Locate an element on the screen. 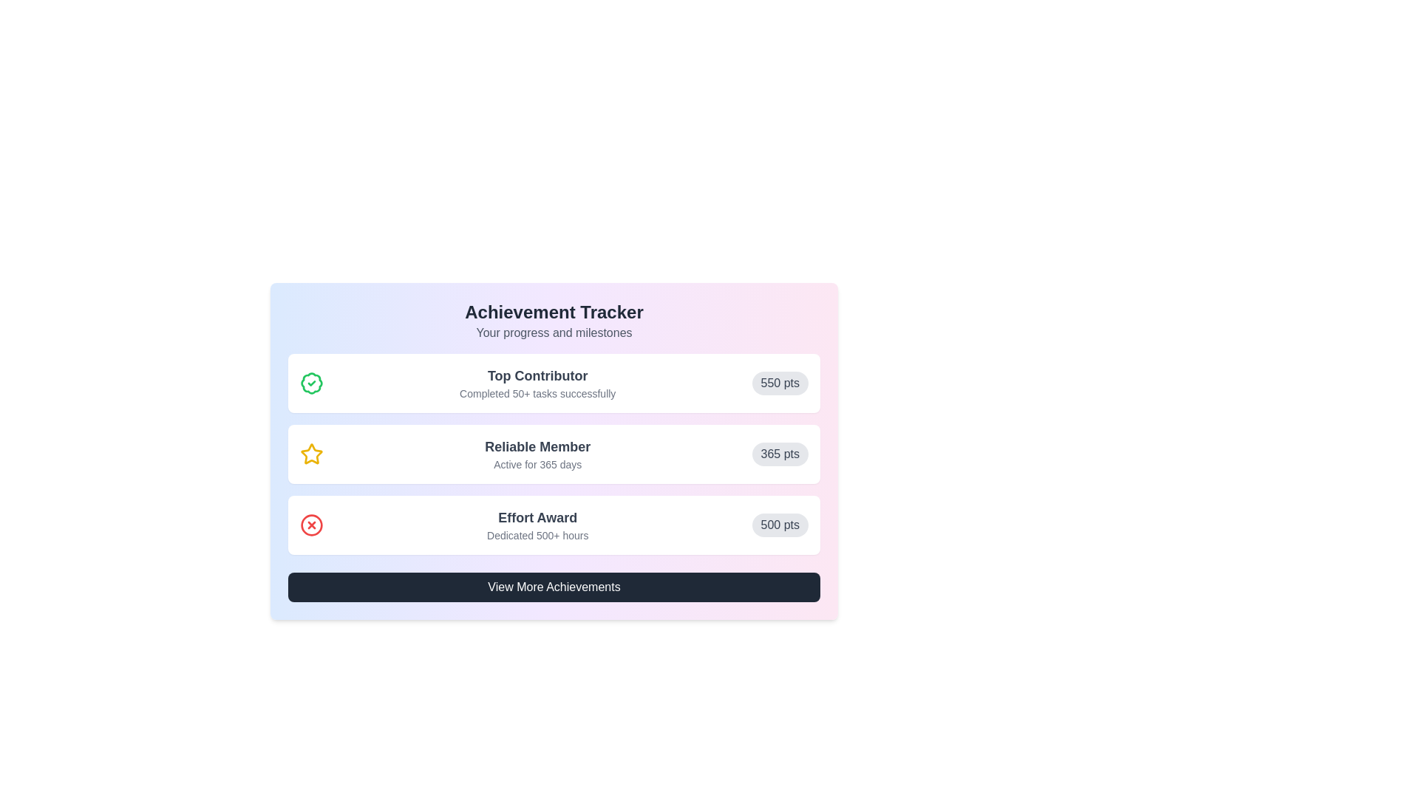  the circular icon with a red border and a red 'X' symbol in the 'Effort Award' section, which indicates a 'close' or 'error' status is located at coordinates (311, 524).